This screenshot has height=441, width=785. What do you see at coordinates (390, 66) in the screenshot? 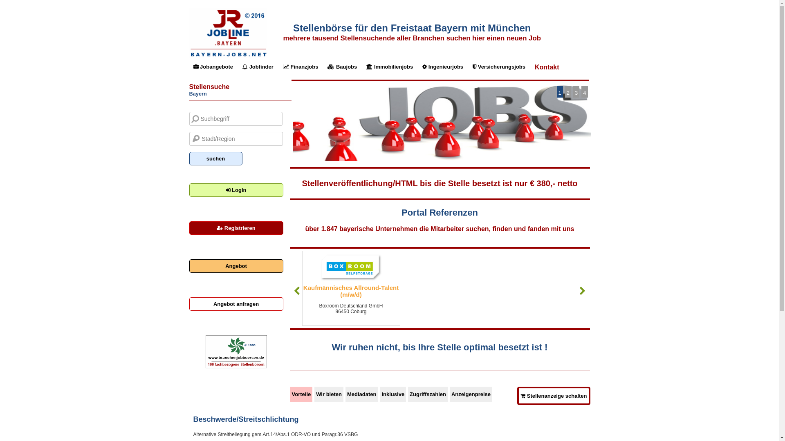
I see `'Immobilienjobs'` at bounding box center [390, 66].